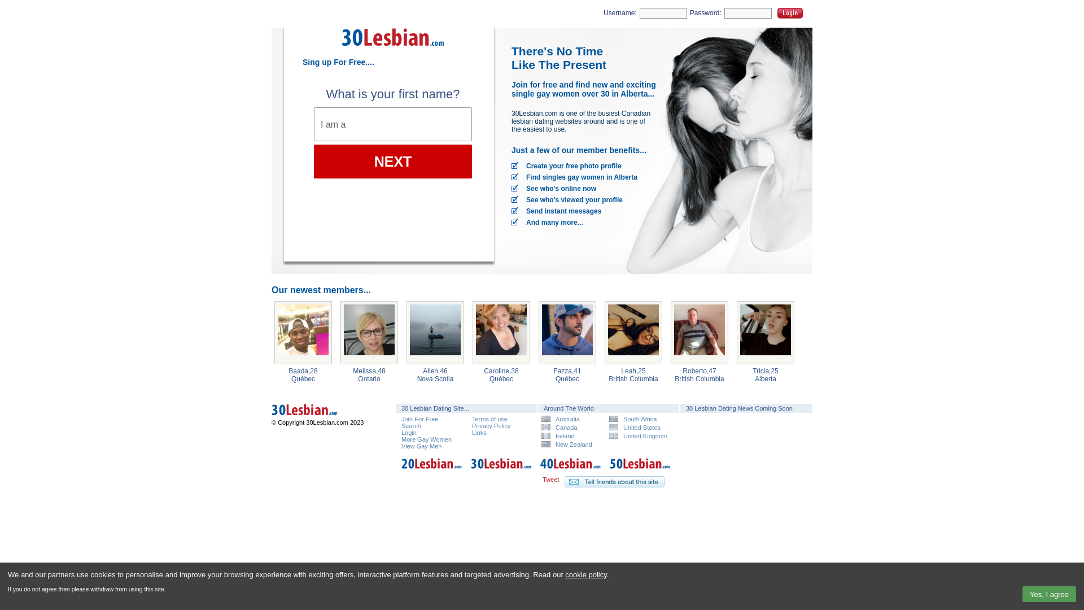  What do you see at coordinates (419, 419) in the screenshot?
I see `'Join For Free'` at bounding box center [419, 419].